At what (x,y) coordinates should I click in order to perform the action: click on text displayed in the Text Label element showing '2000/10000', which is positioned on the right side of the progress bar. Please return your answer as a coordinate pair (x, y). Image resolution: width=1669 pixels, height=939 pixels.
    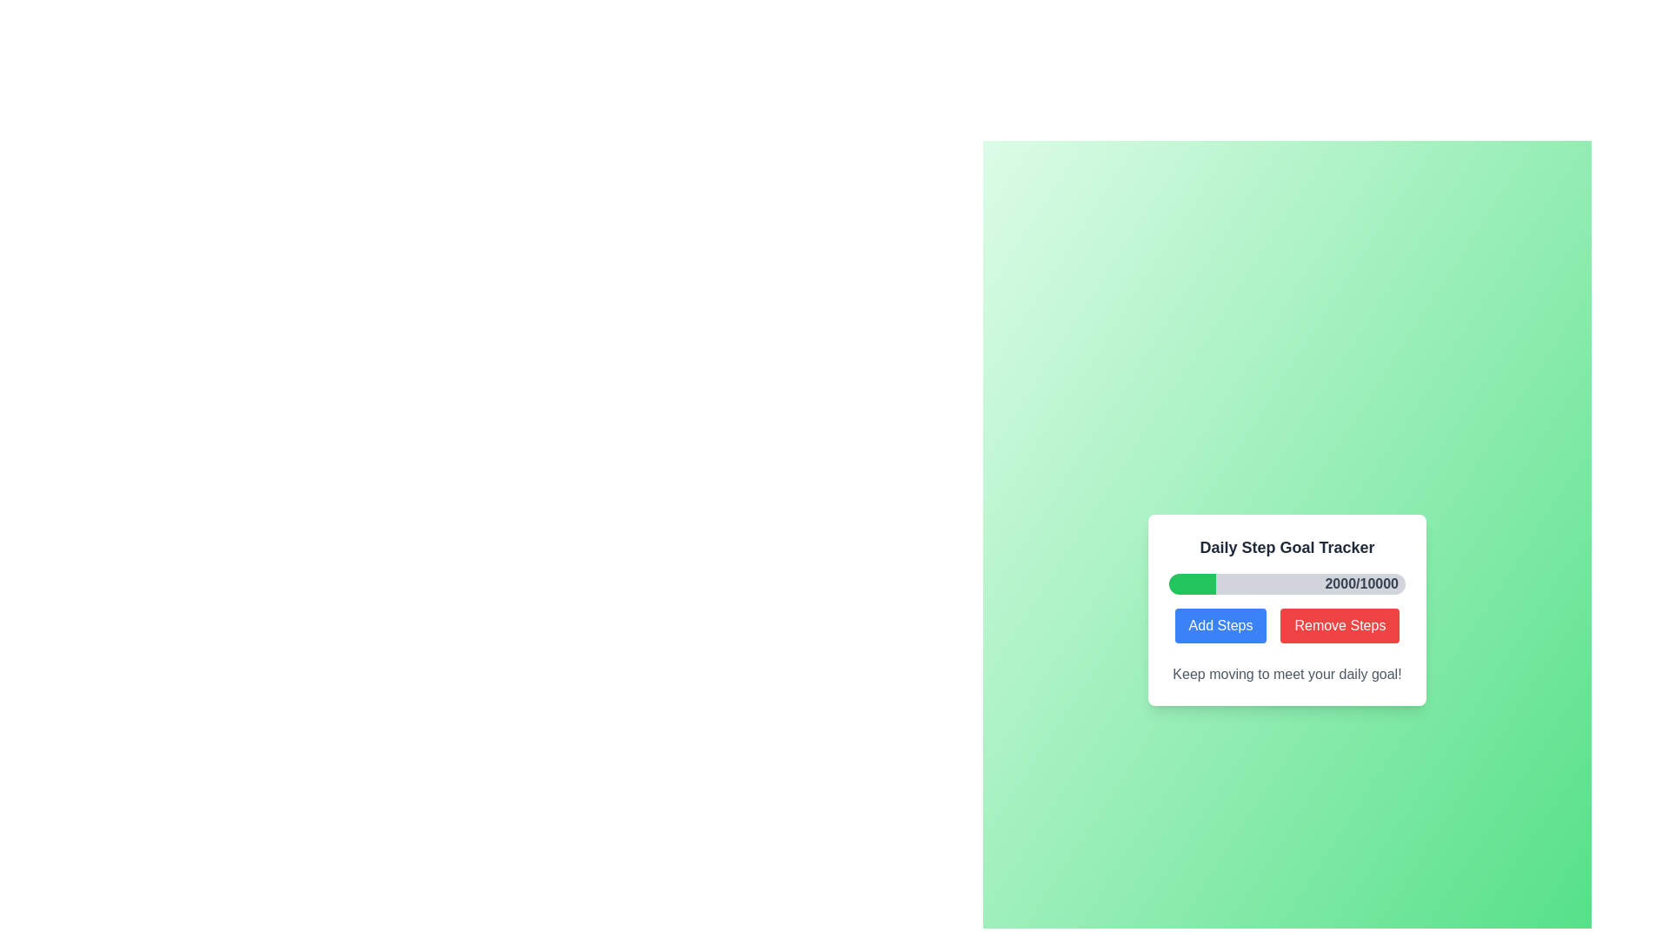
    Looking at the image, I should click on (1360, 583).